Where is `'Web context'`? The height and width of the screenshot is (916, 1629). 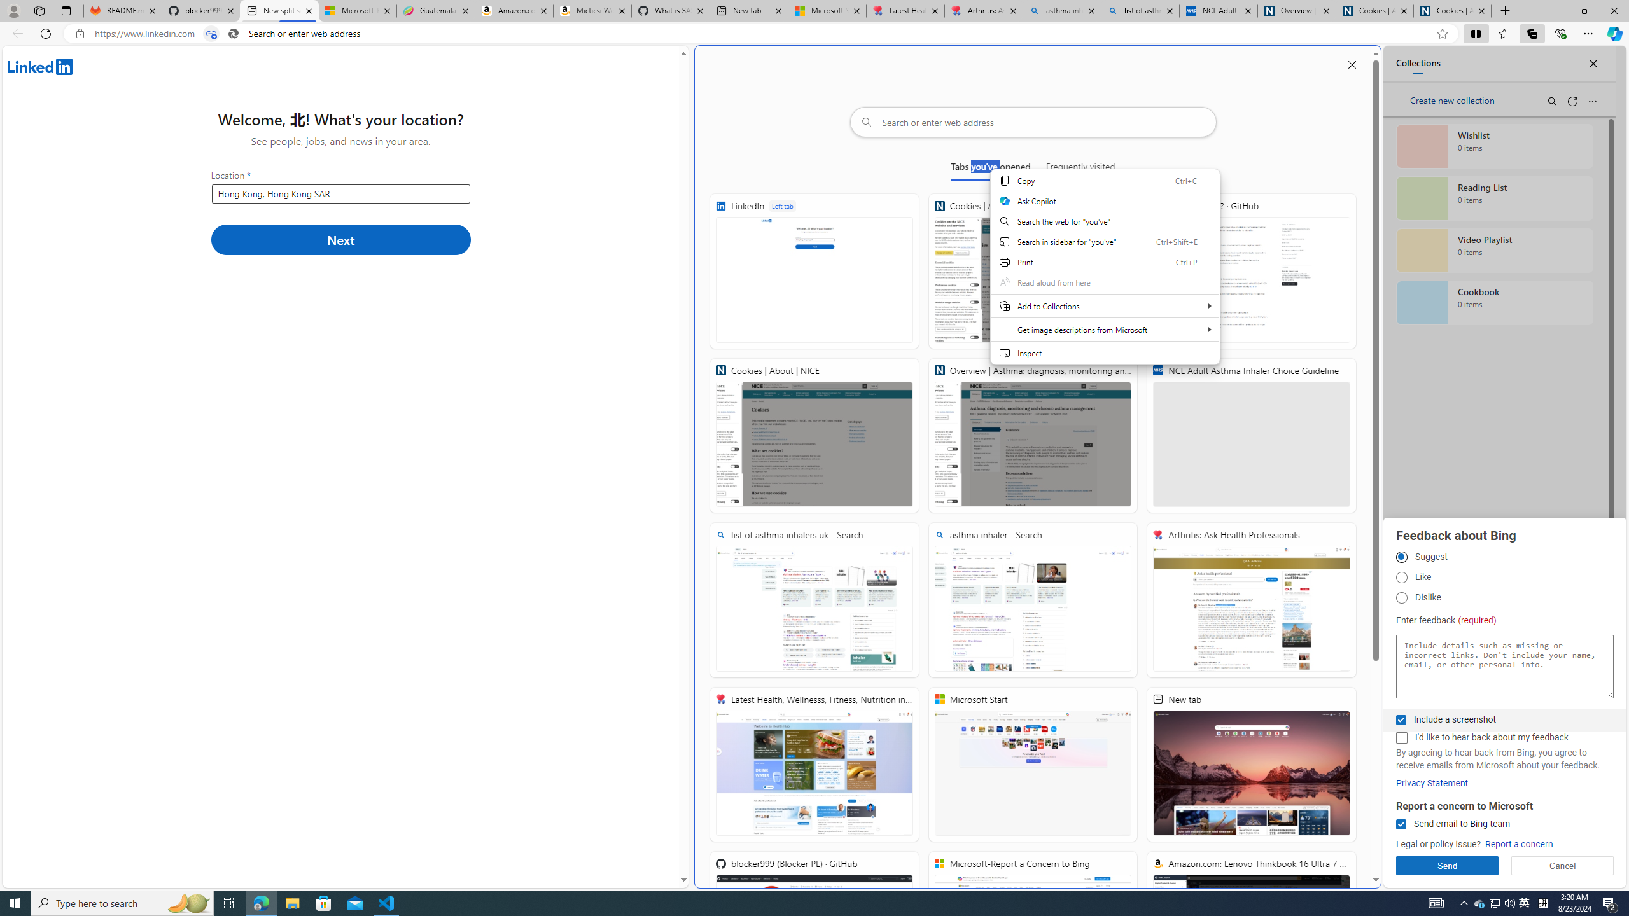
'Web context' is located at coordinates (1105, 274).